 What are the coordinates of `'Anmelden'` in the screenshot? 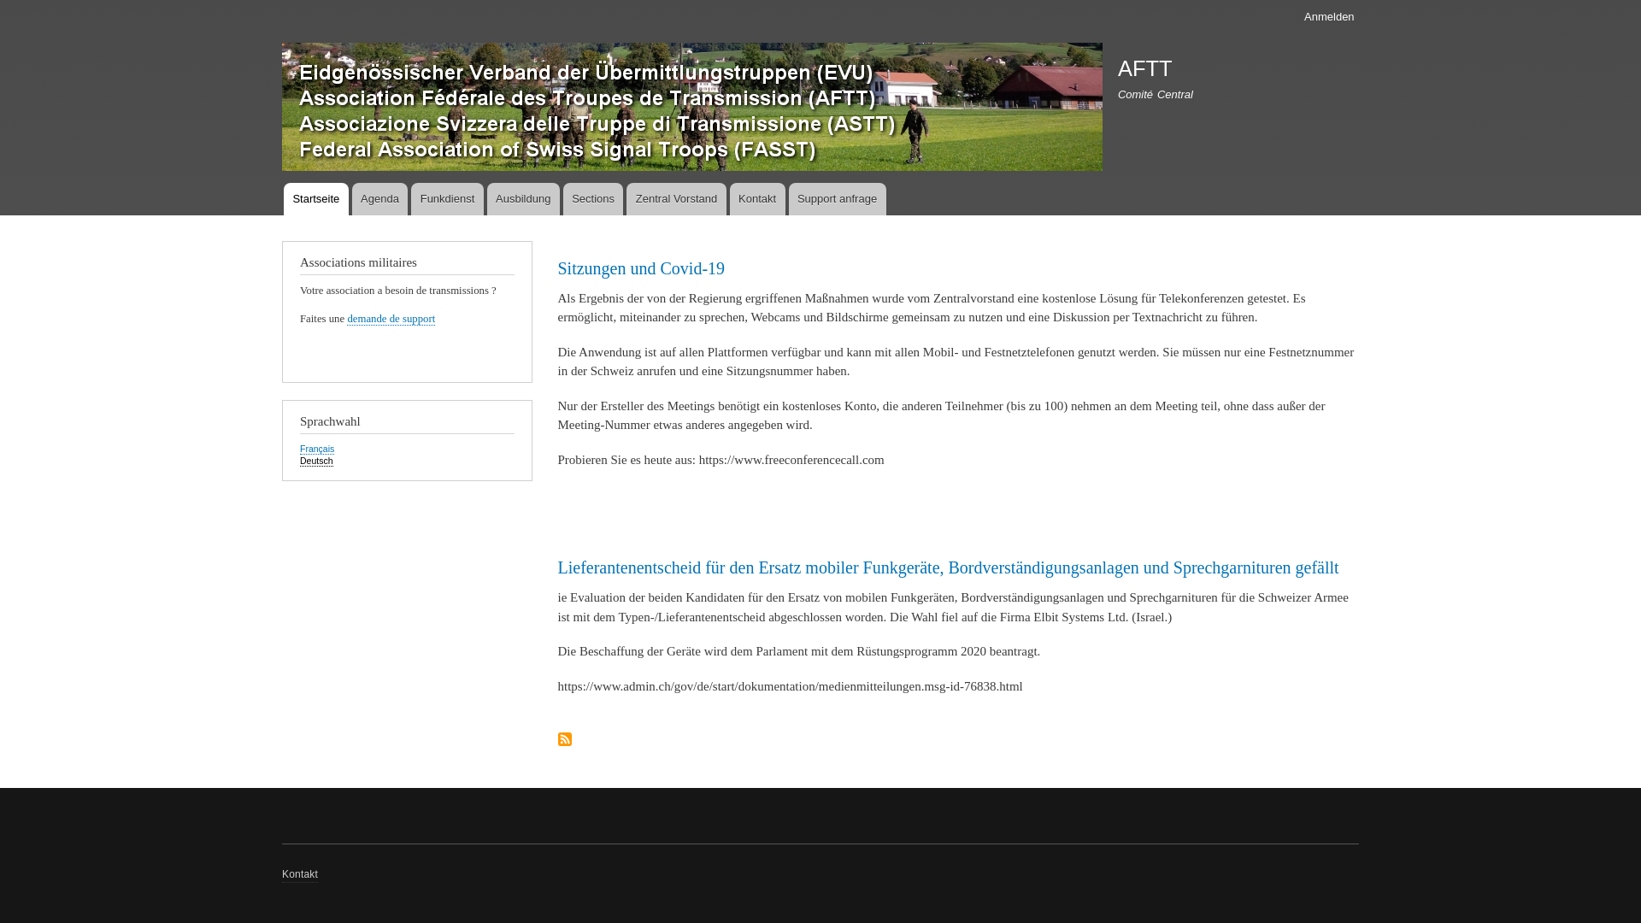 It's located at (1328, 16).